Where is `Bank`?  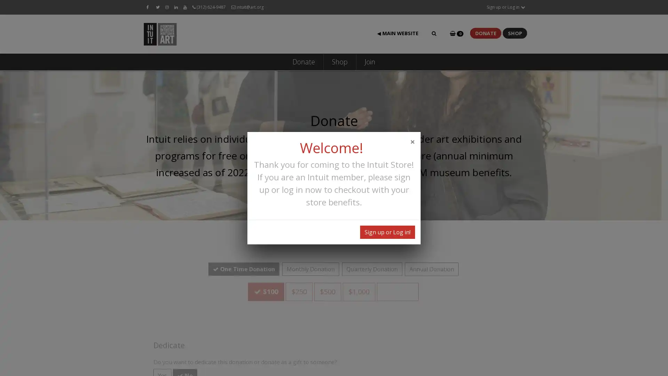
Bank is located at coordinates (485, 324).